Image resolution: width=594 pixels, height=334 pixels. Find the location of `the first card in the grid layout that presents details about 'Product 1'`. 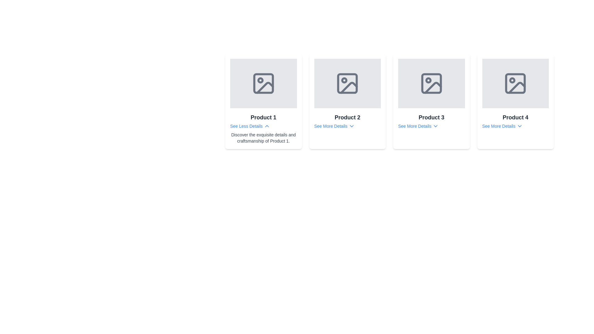

the first card in the grid layout that presents details about 'Product 1' is located at coordinates (263, 101).